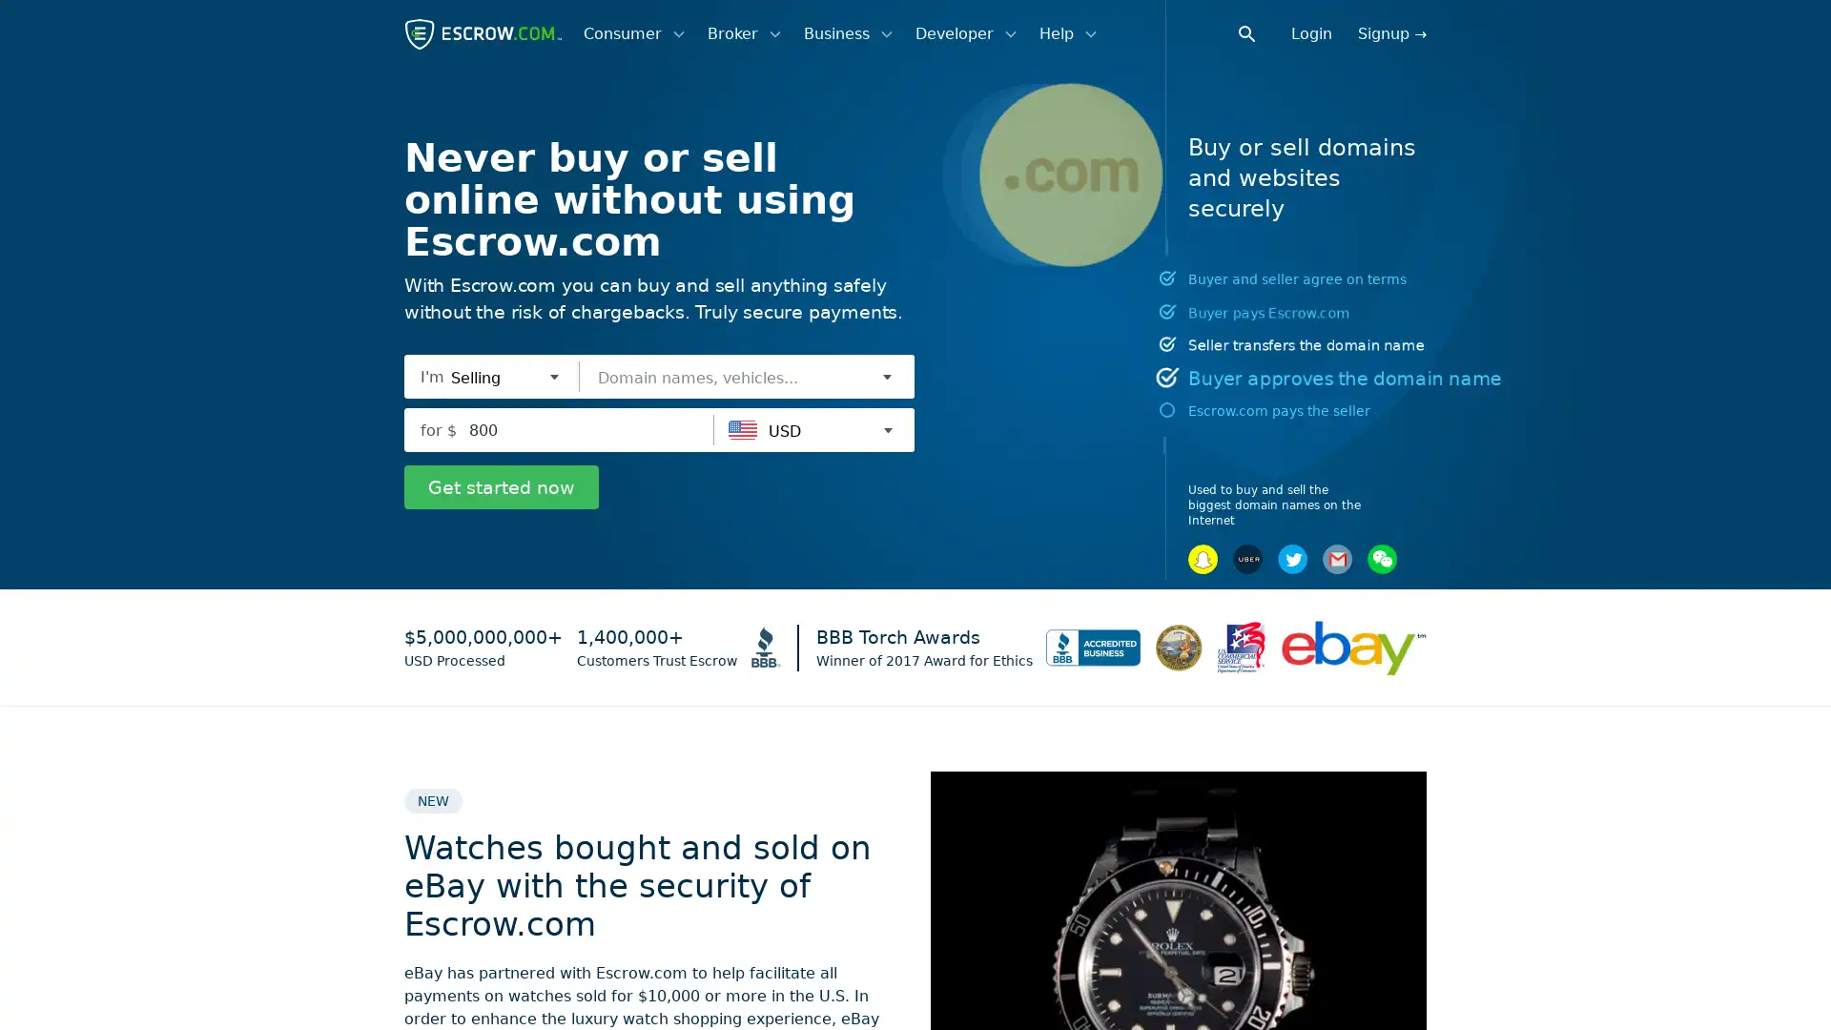 This screenshot has height=1030, width=1831. Describe the element at coordinates (502, 485) in the screenshot. I see `Get started now` at that location.